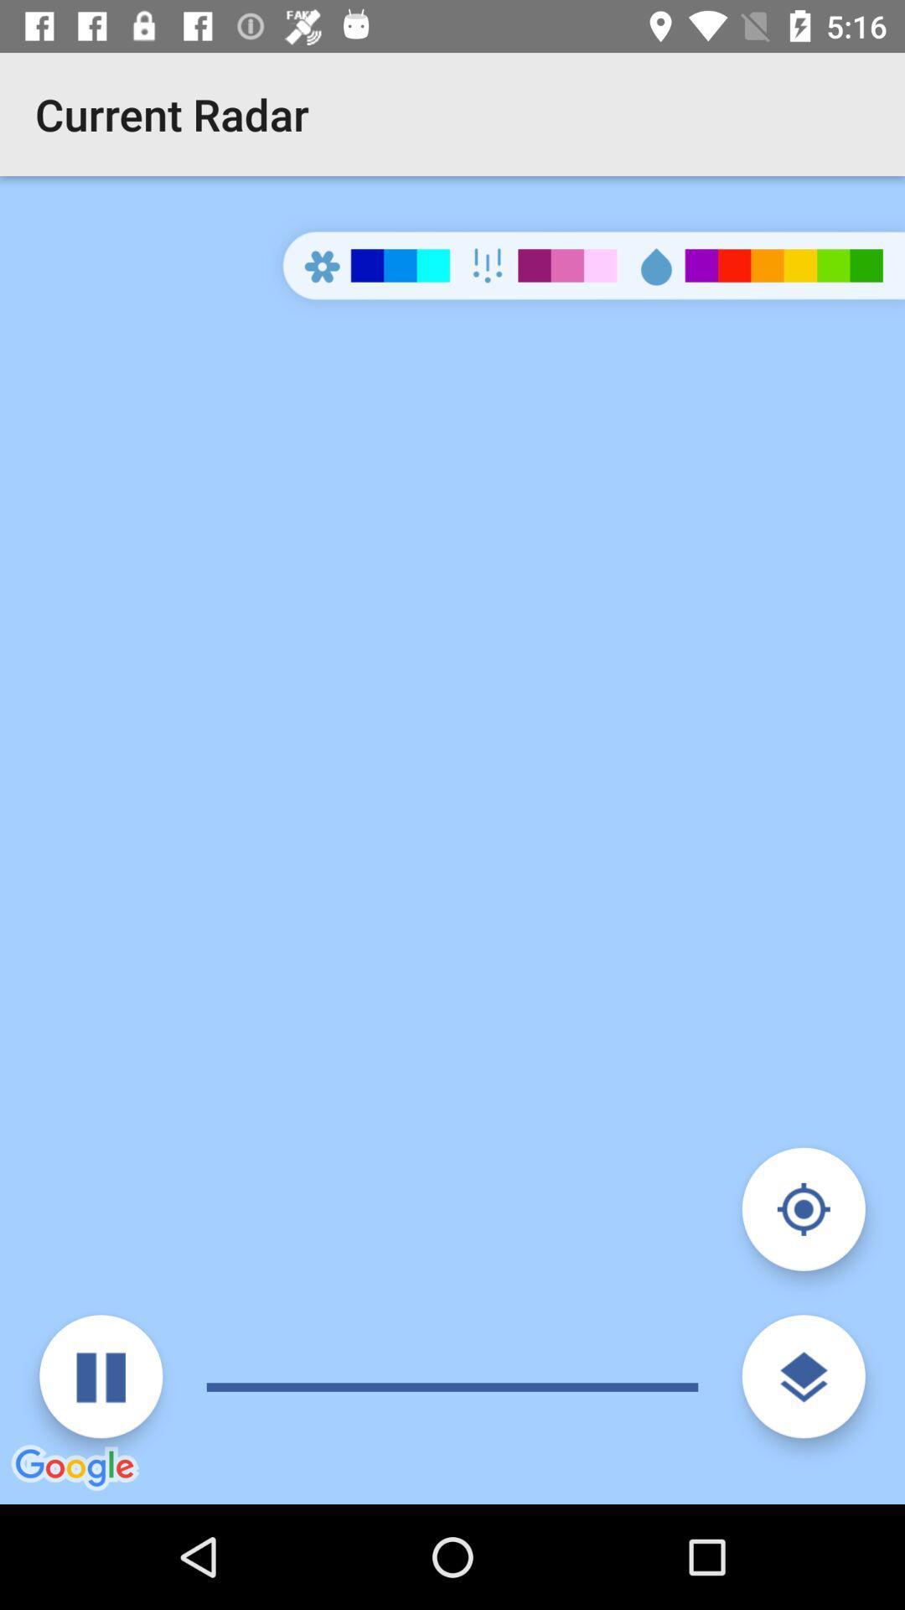  Describe the element at coordinates (101, 1376) in the screenshot. I see `the pause icon` at that location.